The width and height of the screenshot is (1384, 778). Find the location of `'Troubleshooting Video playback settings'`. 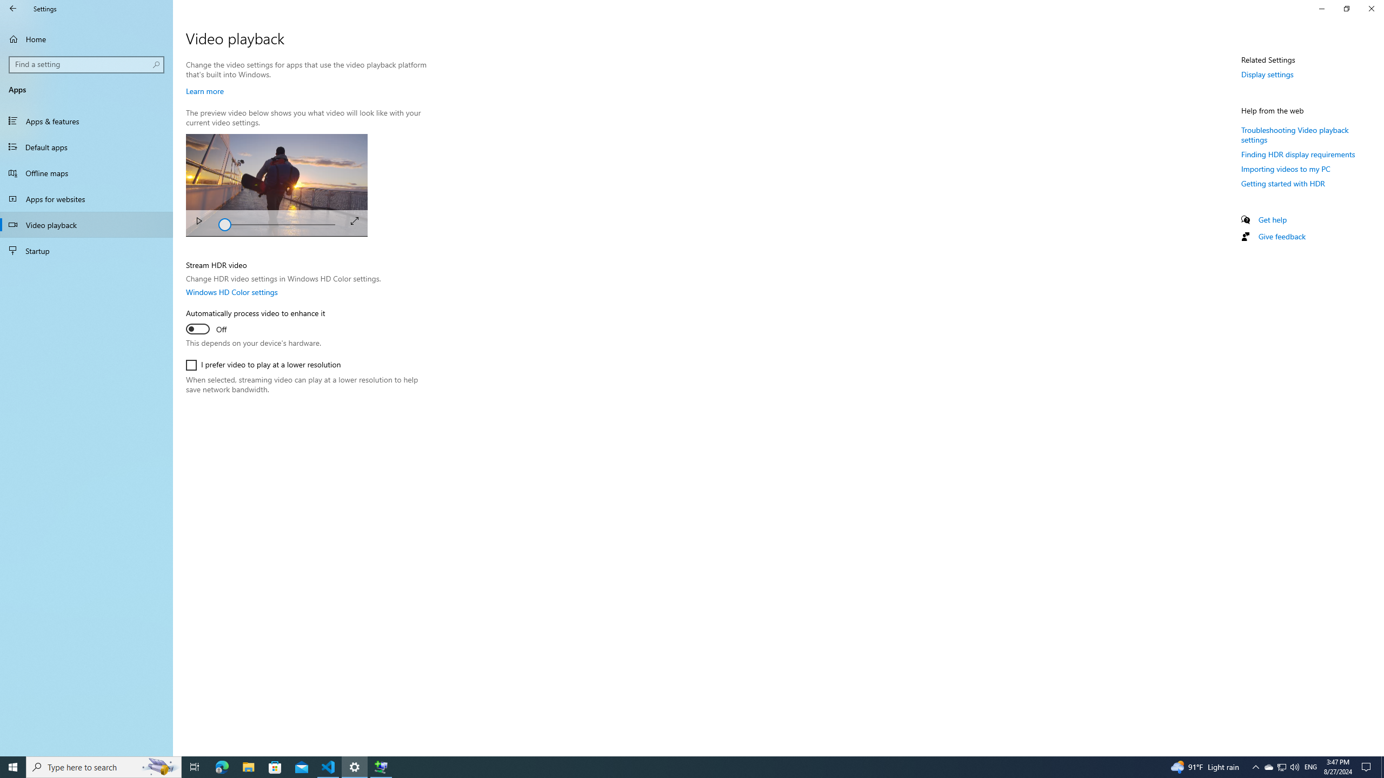

'Troubleshooting Video playback settings' is located at coordinates (1295, 134).